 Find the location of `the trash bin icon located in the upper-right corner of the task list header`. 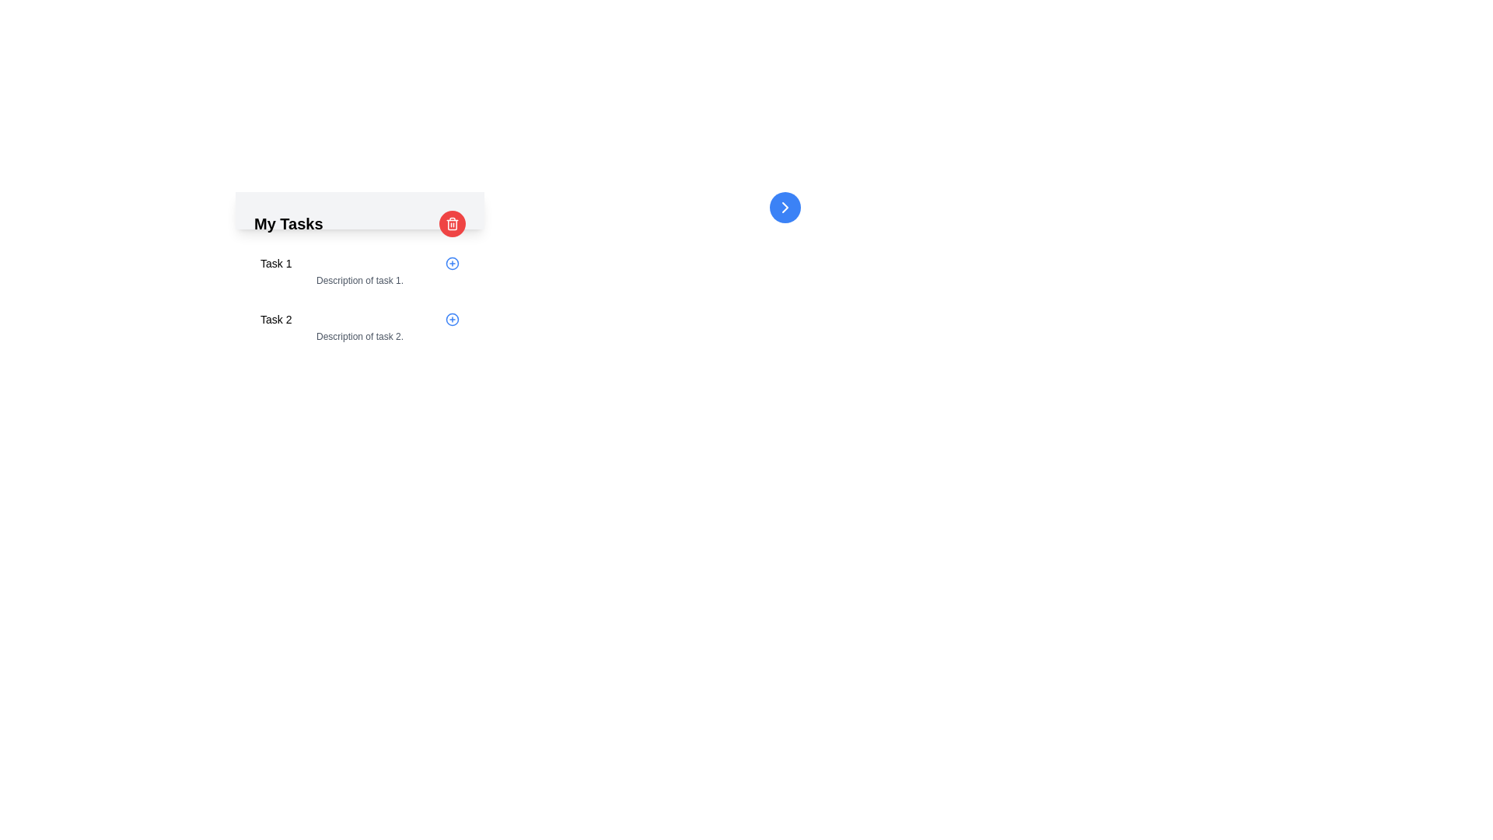

the trash bin icon located in the upper-right corner of the task list header is located at coordinates (451, 225).